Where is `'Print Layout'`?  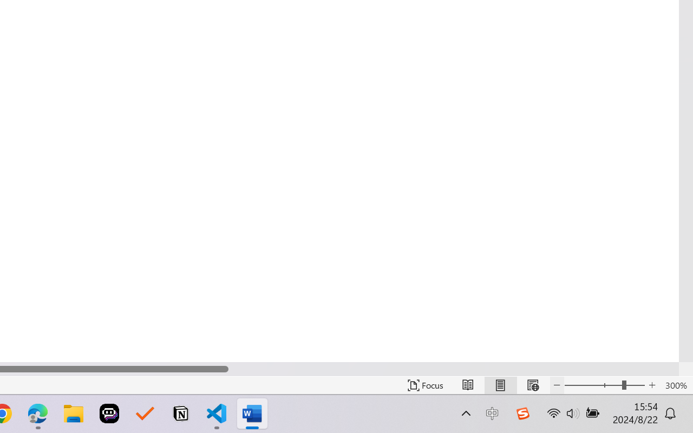
'Print Layout' is located at coordinates (500, 385).